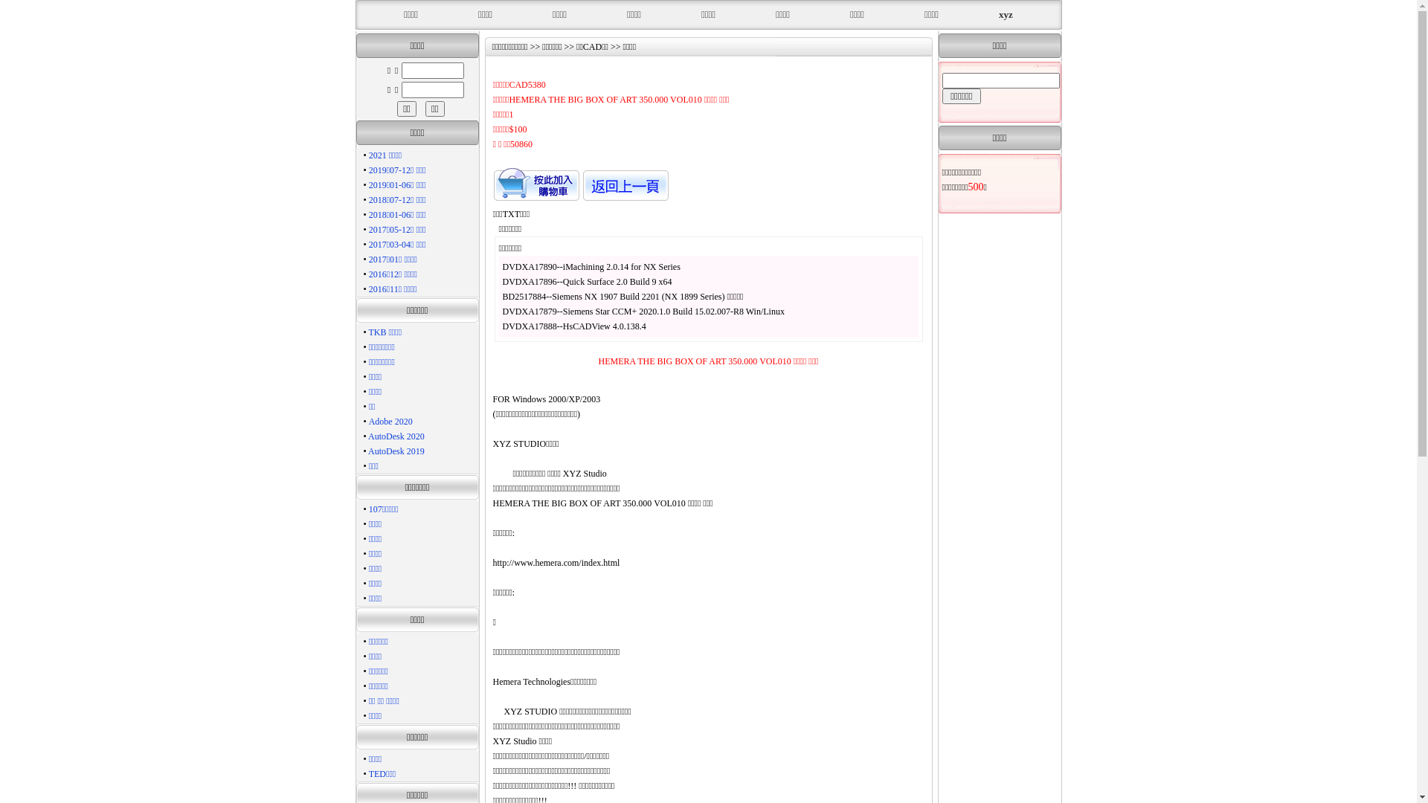 The image size is (1428, 803). I want to click on 'AutoDesk 2020', so click(396, 435).